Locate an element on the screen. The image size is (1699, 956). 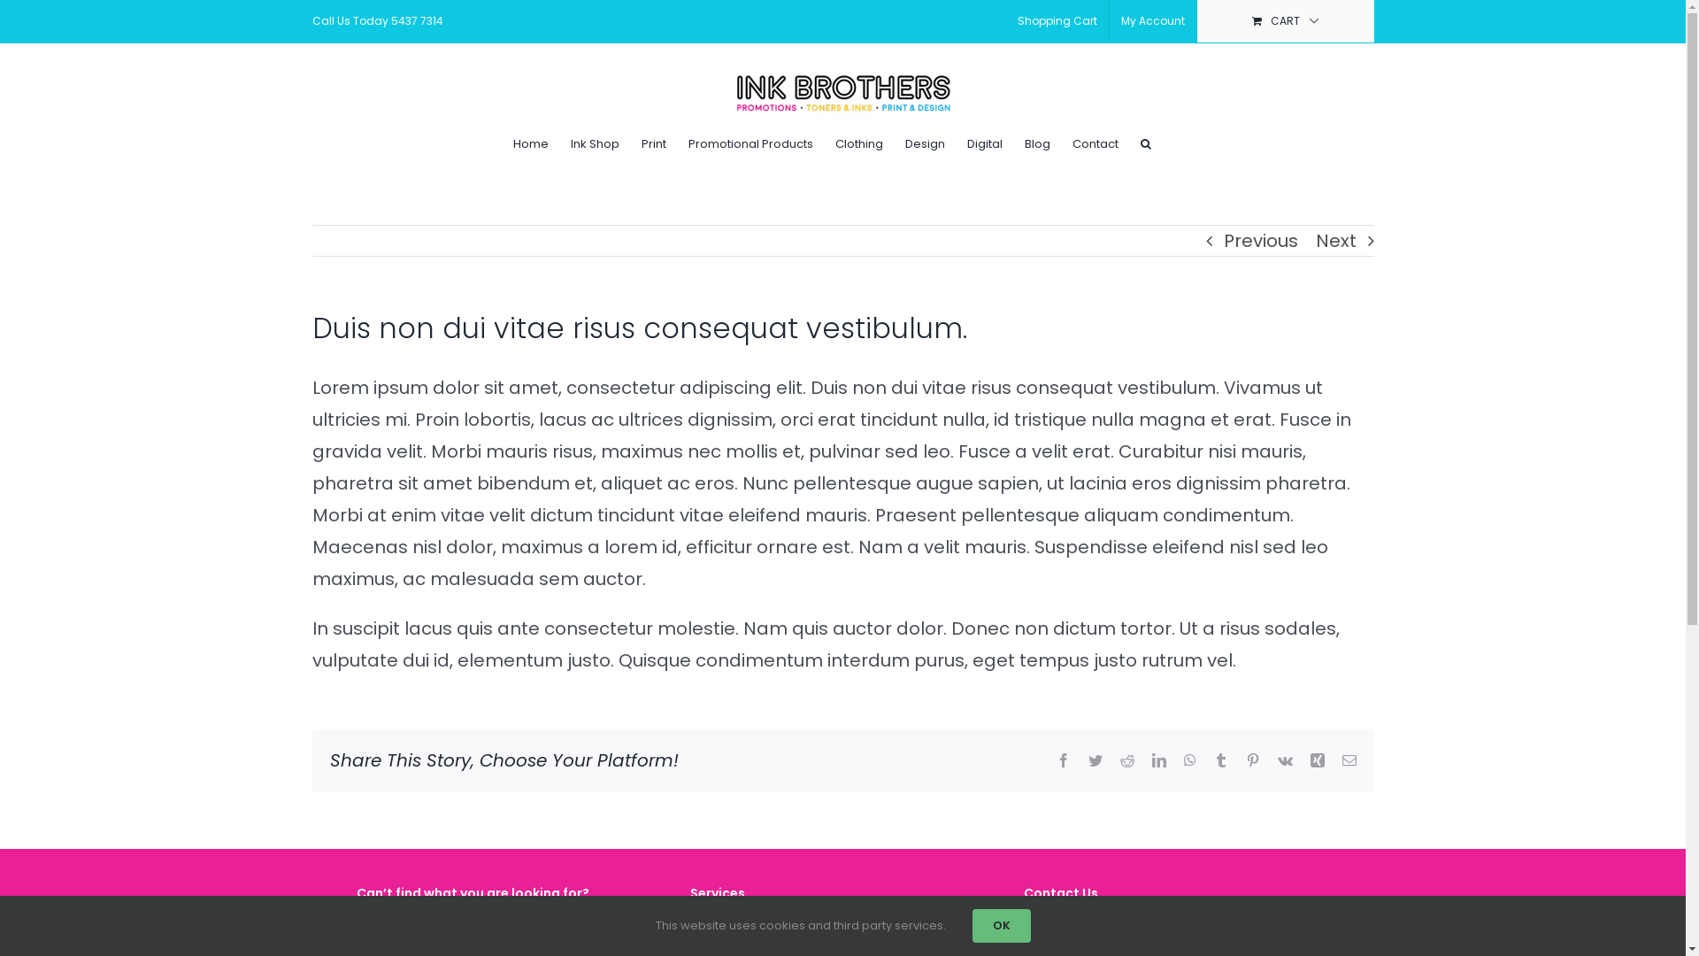
'Pinterest' is located at coordinates (1252, 759).